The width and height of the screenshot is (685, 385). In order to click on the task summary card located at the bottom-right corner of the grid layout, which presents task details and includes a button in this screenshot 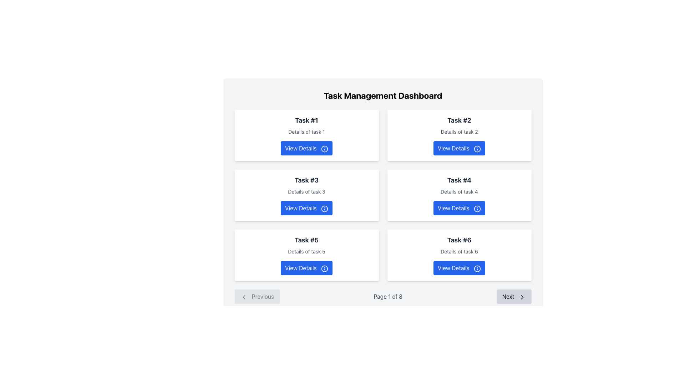, I will do `click(459, 255)`.